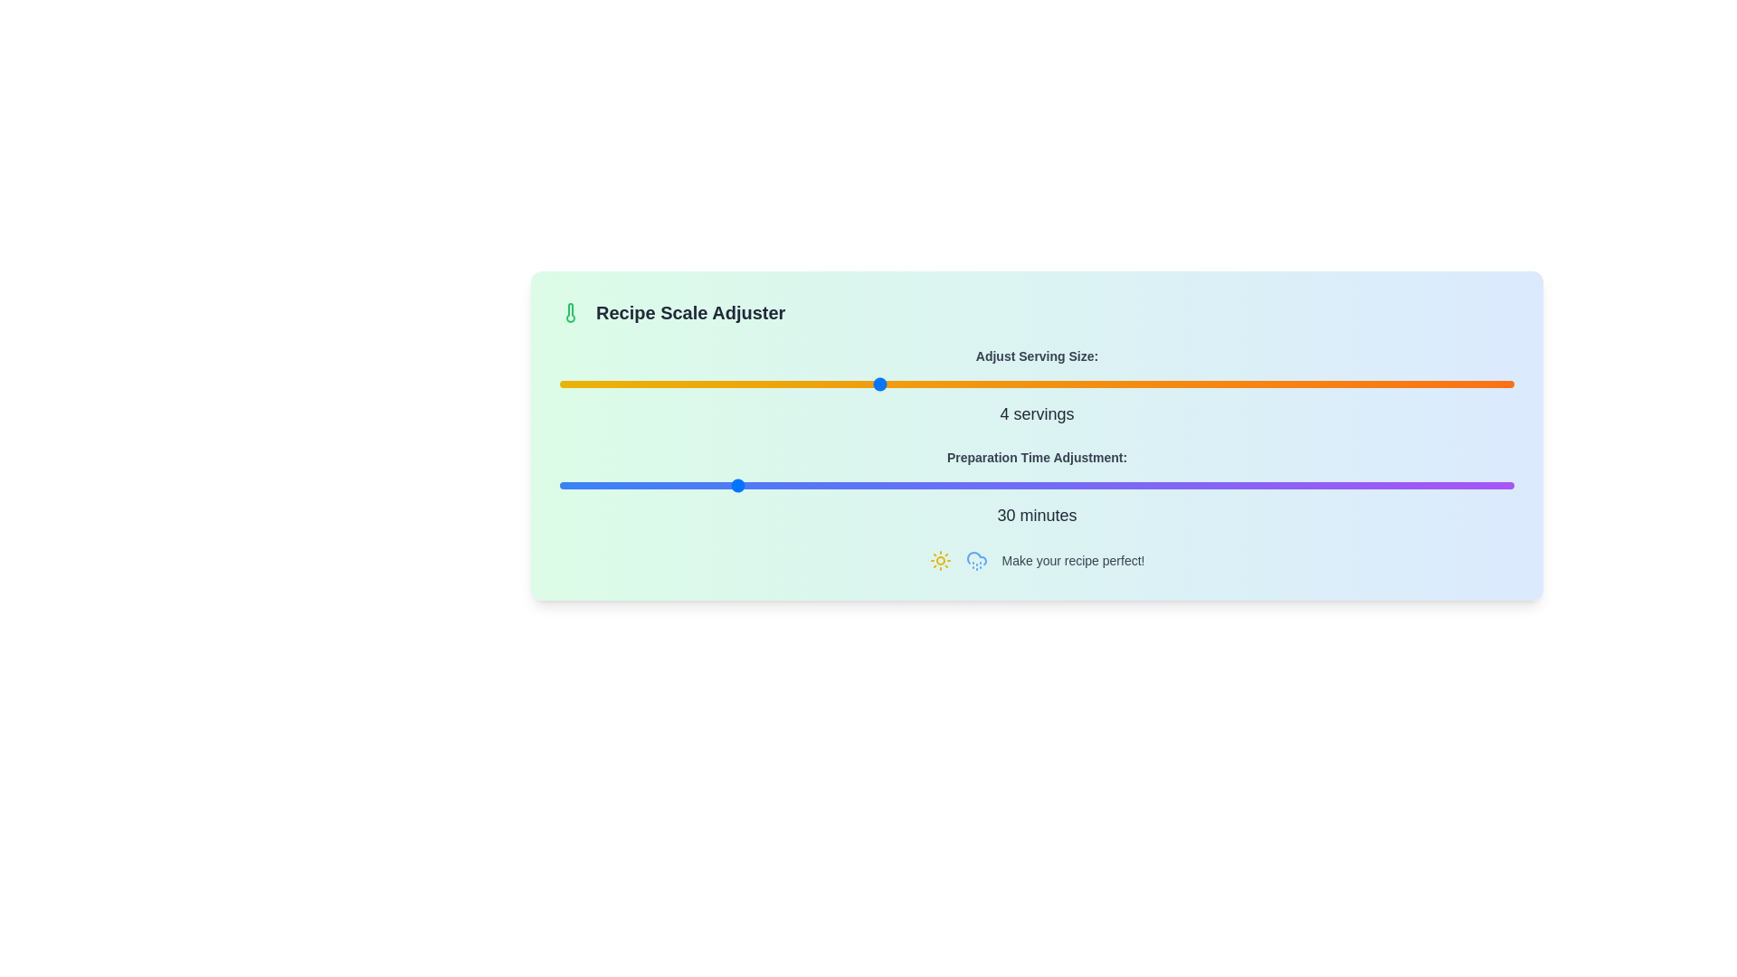 The height and width of the screenshot is (977, 1737). What do you see at coordinates (1037, 386) in the screenshot?
I see `the slider for adjusting the serving size, which is labeled as '4 servings', located beneath the 'Recipe Scale Adjuster' heading` at bounding box center [1037, 386].